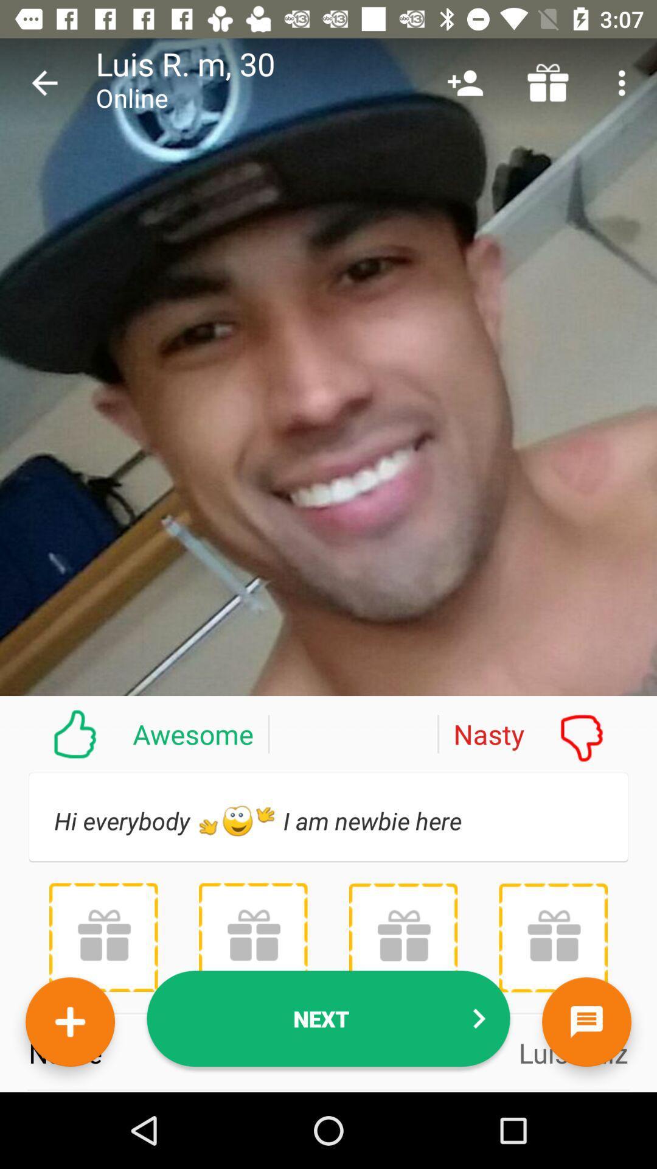  What do you see at coordinates (548, 82) in the screenshot?
I see `icon above the nasty item` at bounding box center [548, 82].